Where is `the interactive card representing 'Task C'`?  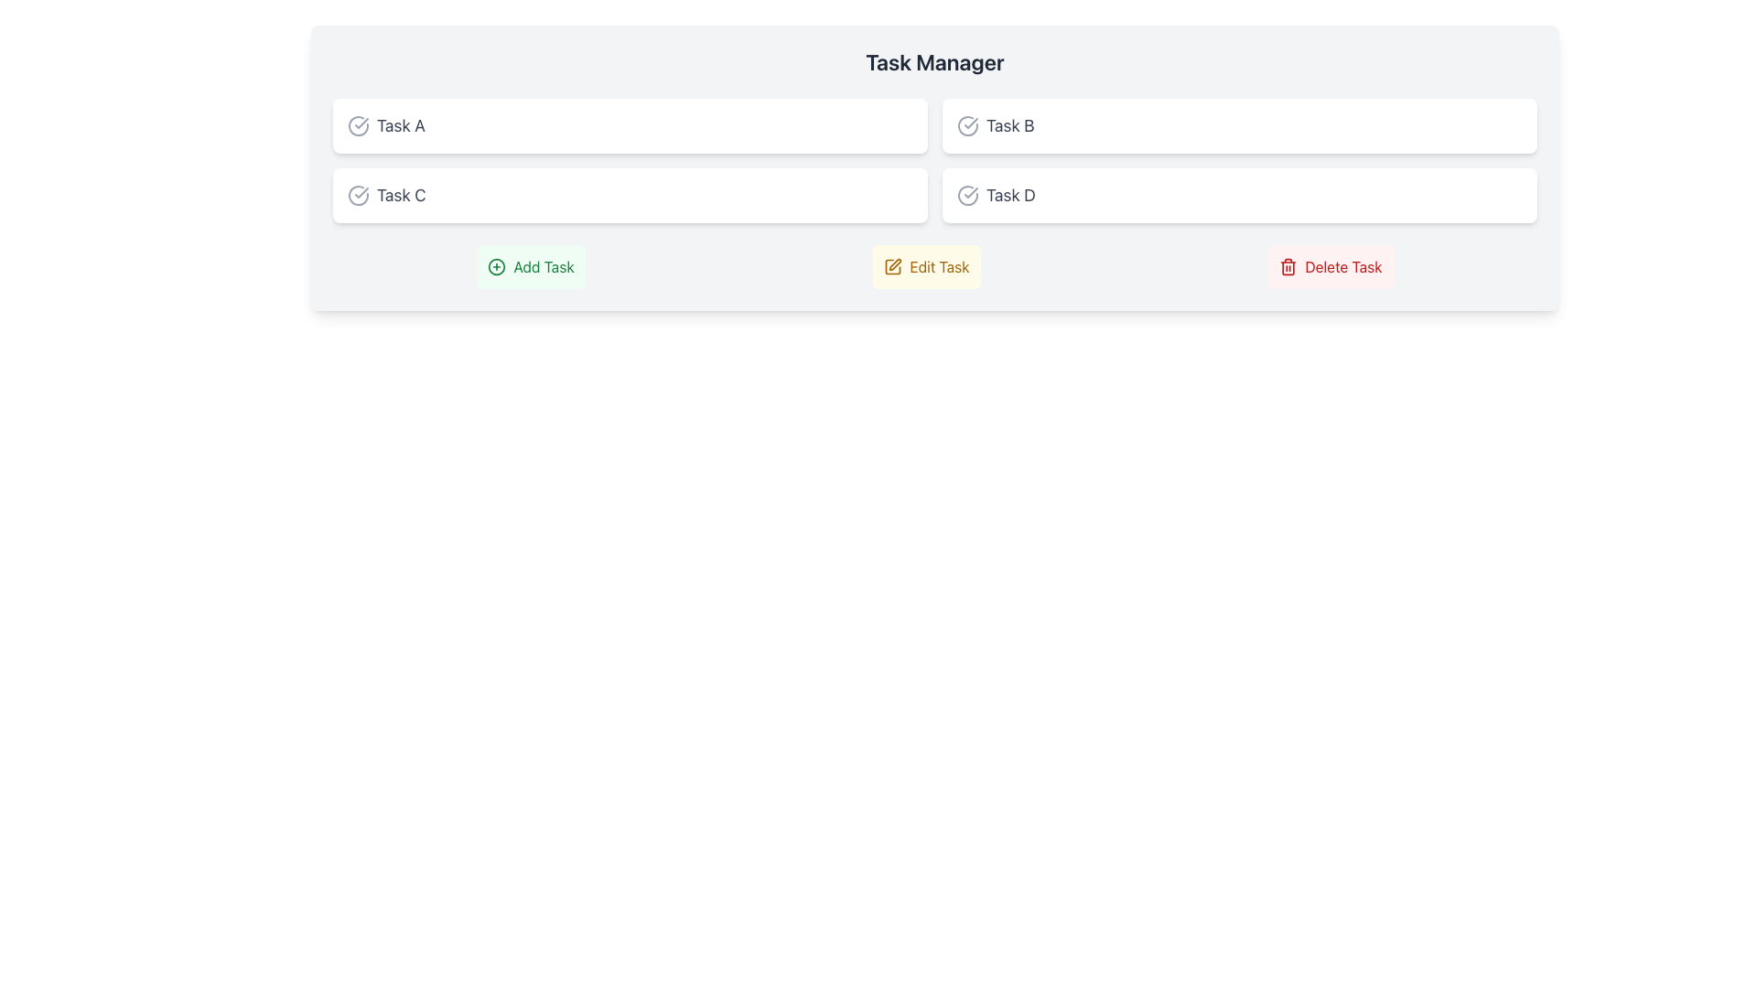 the interactive card representing 'Task C' is located at coordinates (631, 195).